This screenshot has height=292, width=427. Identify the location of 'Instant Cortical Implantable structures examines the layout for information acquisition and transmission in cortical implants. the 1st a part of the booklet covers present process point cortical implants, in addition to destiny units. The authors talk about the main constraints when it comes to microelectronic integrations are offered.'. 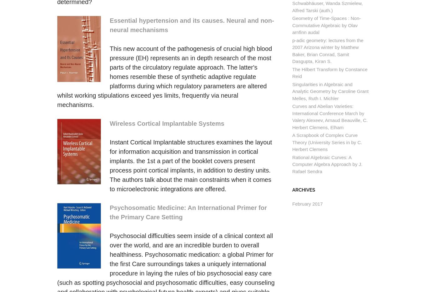
(190, 165).